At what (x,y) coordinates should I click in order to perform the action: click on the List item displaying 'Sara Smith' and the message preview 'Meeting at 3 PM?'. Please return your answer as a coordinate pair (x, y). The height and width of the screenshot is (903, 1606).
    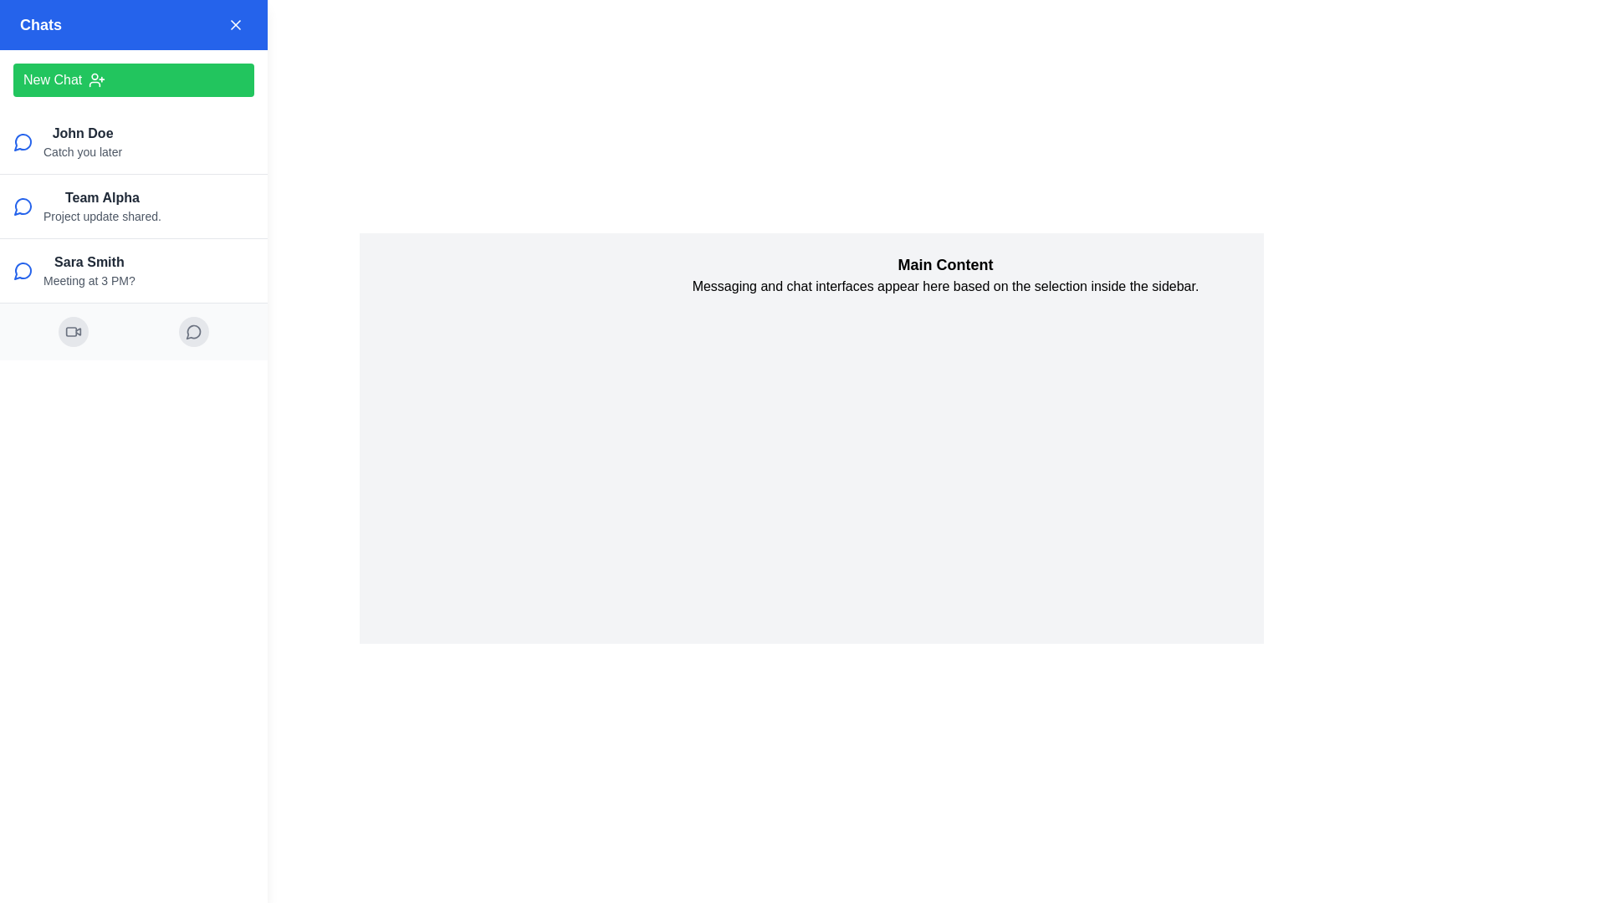
    Looking at the image, I should click on (88, 270).